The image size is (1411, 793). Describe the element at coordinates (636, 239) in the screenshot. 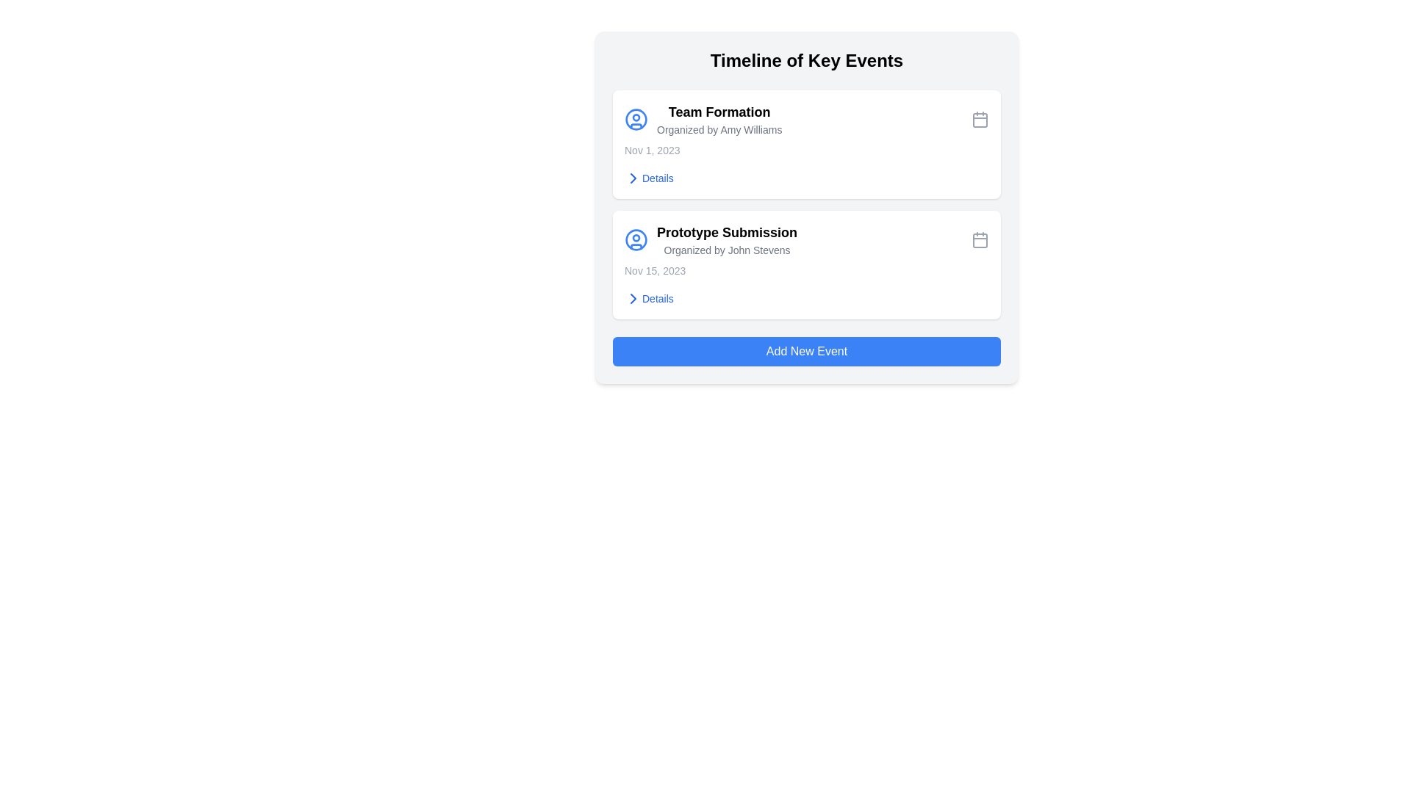

I see `the user profile icon located at the top-left corner of the 'Prototype Submission' card in the 'Timeline of Key Events' section, which is positioned before the text 'Prototype Submission' and 'Organized by John Stevens'` at that location.